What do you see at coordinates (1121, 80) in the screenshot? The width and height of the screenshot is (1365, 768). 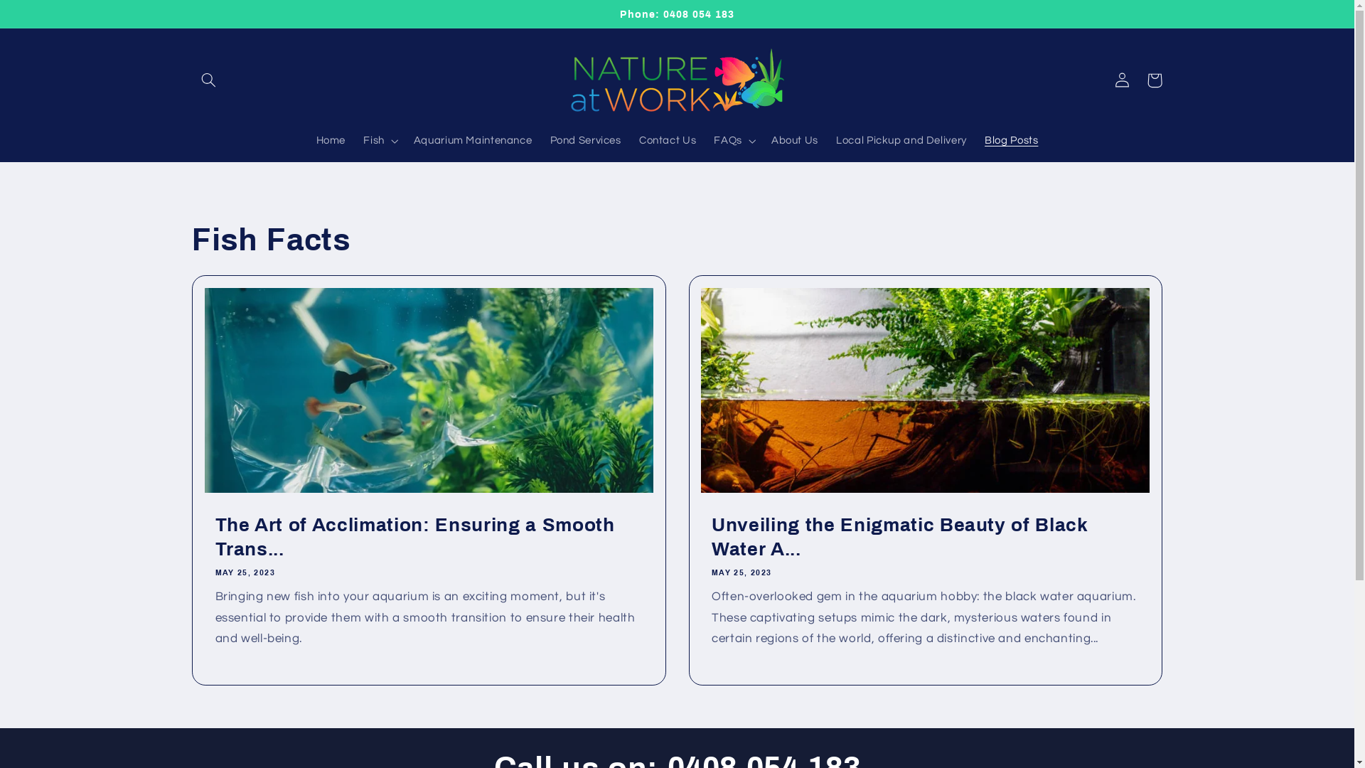 I see `'Log in'` at bounding box center [1121, 80].